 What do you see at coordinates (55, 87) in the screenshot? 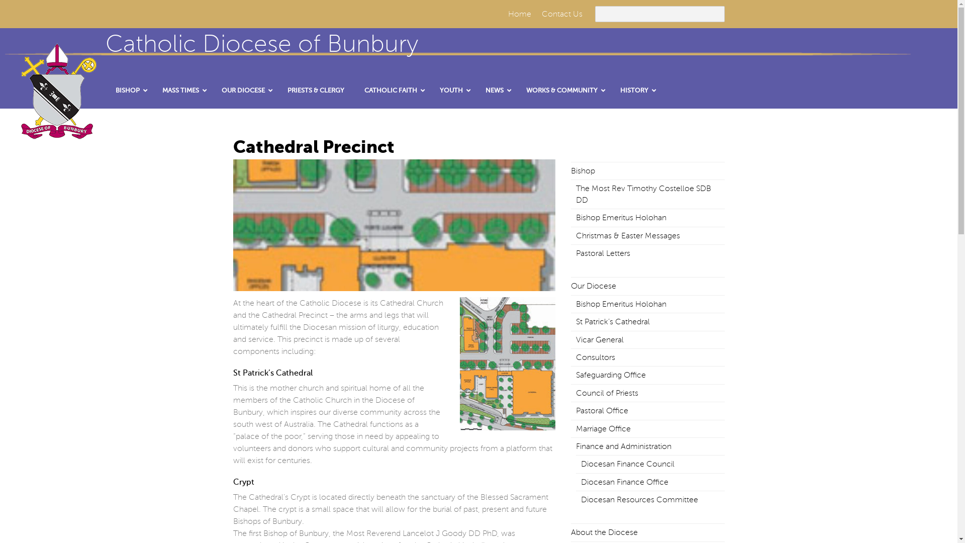
I see `'crestLogo-resized'` at bounding box center [55, 87].